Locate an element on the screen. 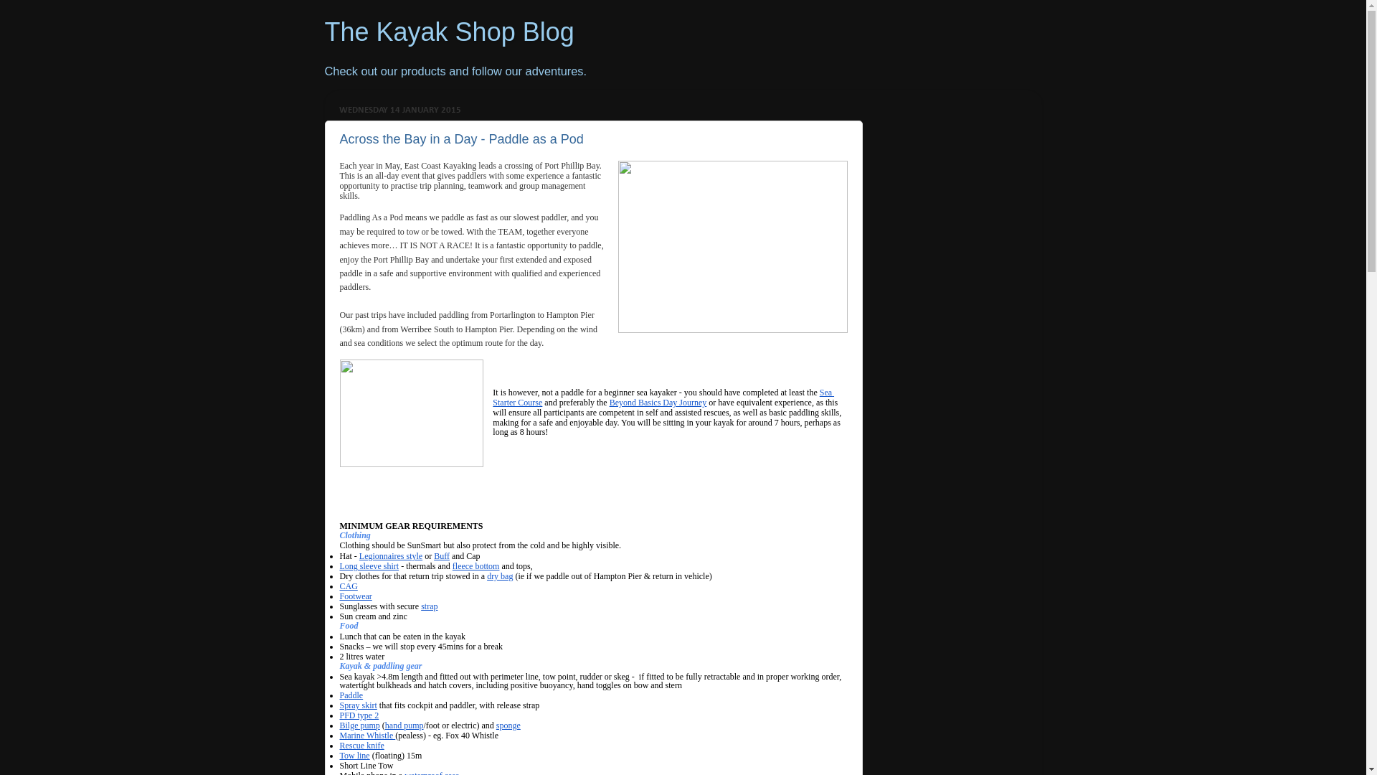 This screenshot has width=1377, height=775. 'dry bag' is located at coordinates (499, 575).